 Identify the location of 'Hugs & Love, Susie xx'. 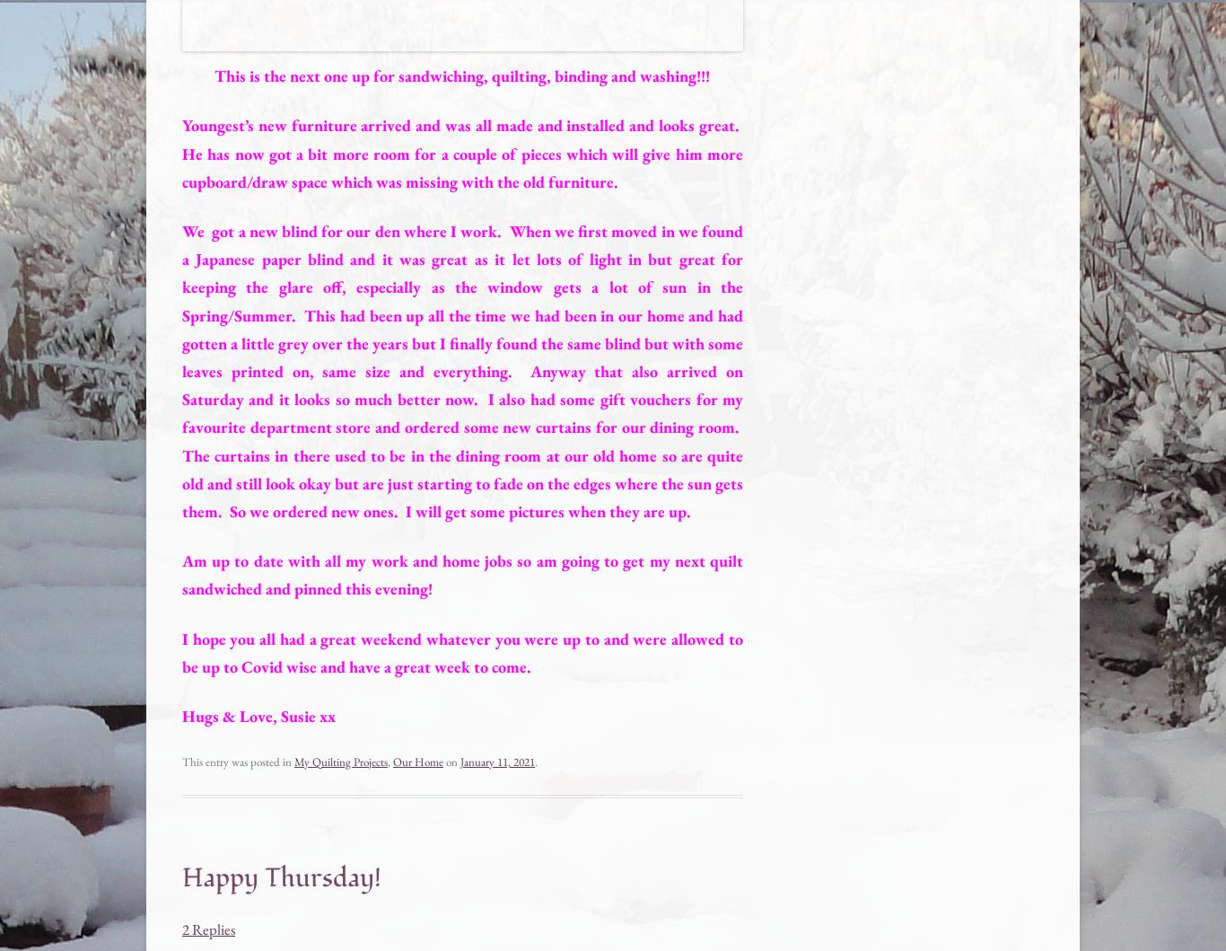
(258, 715).